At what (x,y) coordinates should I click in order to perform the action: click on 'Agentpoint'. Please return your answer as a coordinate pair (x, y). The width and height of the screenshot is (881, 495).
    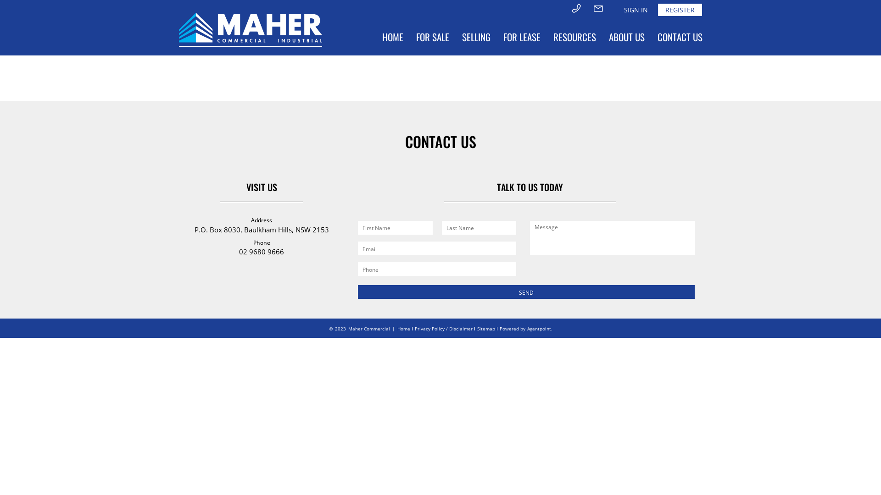
    Looking at the image, I should click on (539, 328).